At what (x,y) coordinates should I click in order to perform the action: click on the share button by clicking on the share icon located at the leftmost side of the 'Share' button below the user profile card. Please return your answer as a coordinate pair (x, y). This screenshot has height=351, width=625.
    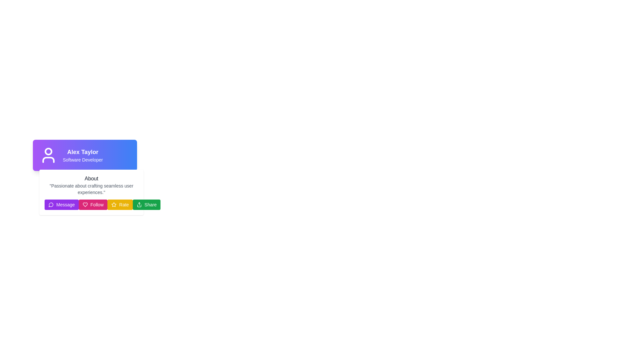
    Looking at the image, I should click on (139, 204).